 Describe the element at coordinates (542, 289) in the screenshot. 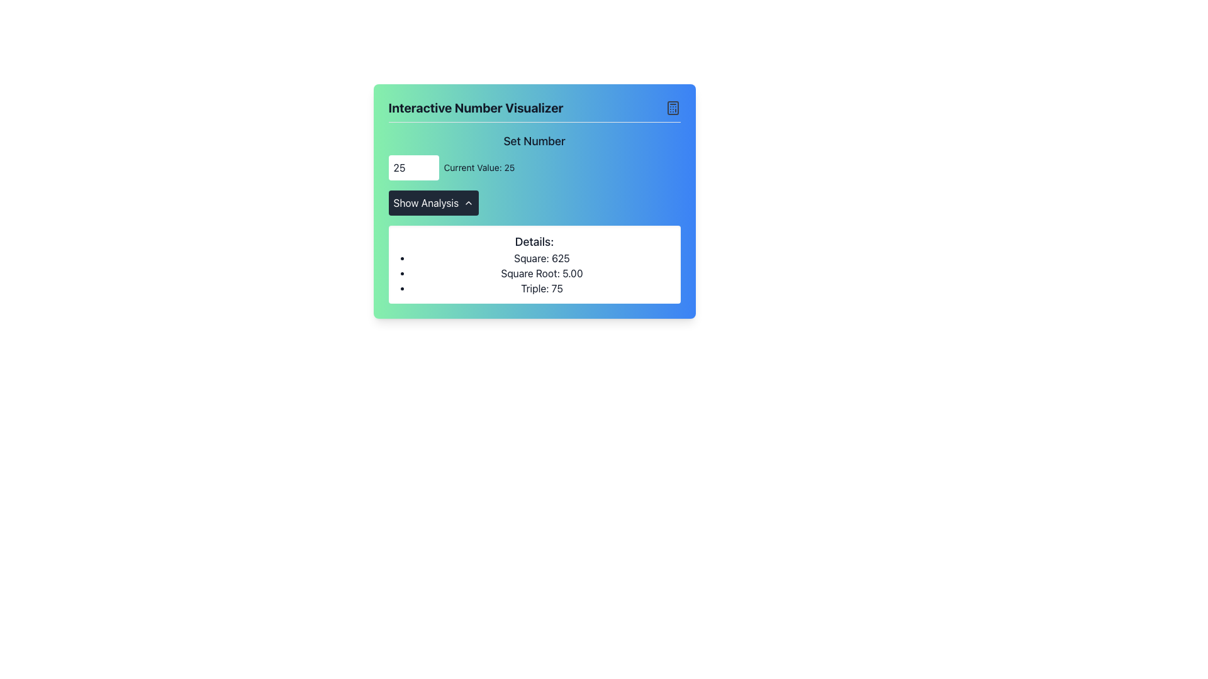

I see `the text element displaying 'Triple: 75', which is the third entry in the list under the 'Details' section` at that location.